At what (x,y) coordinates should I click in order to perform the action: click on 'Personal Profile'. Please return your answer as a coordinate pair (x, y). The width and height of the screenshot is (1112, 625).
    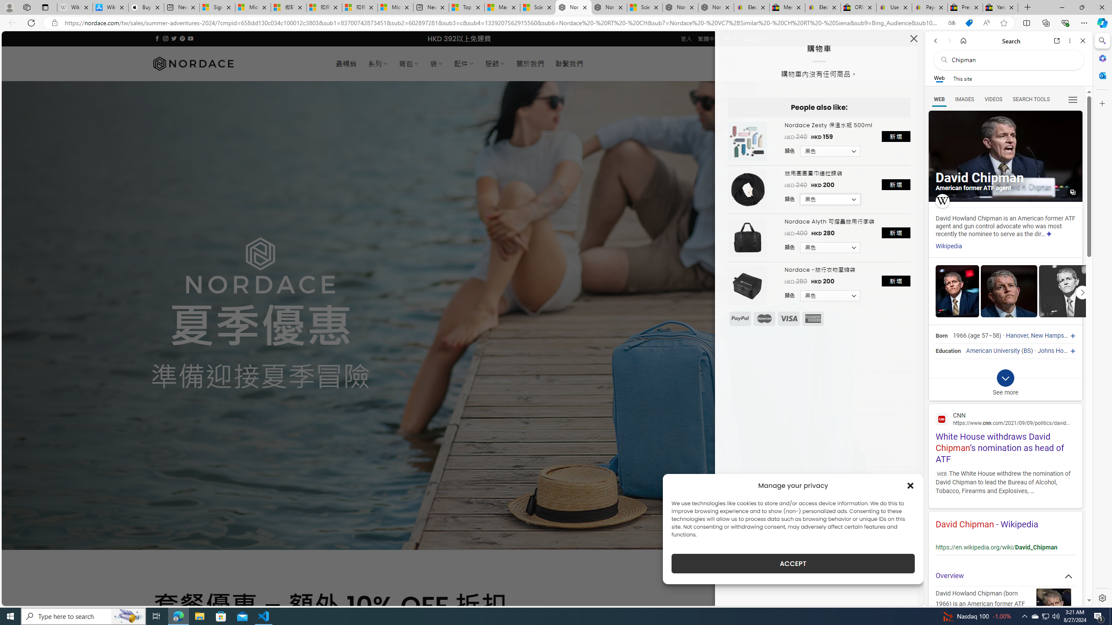
    Looking at the image, I should click on (9, 7).